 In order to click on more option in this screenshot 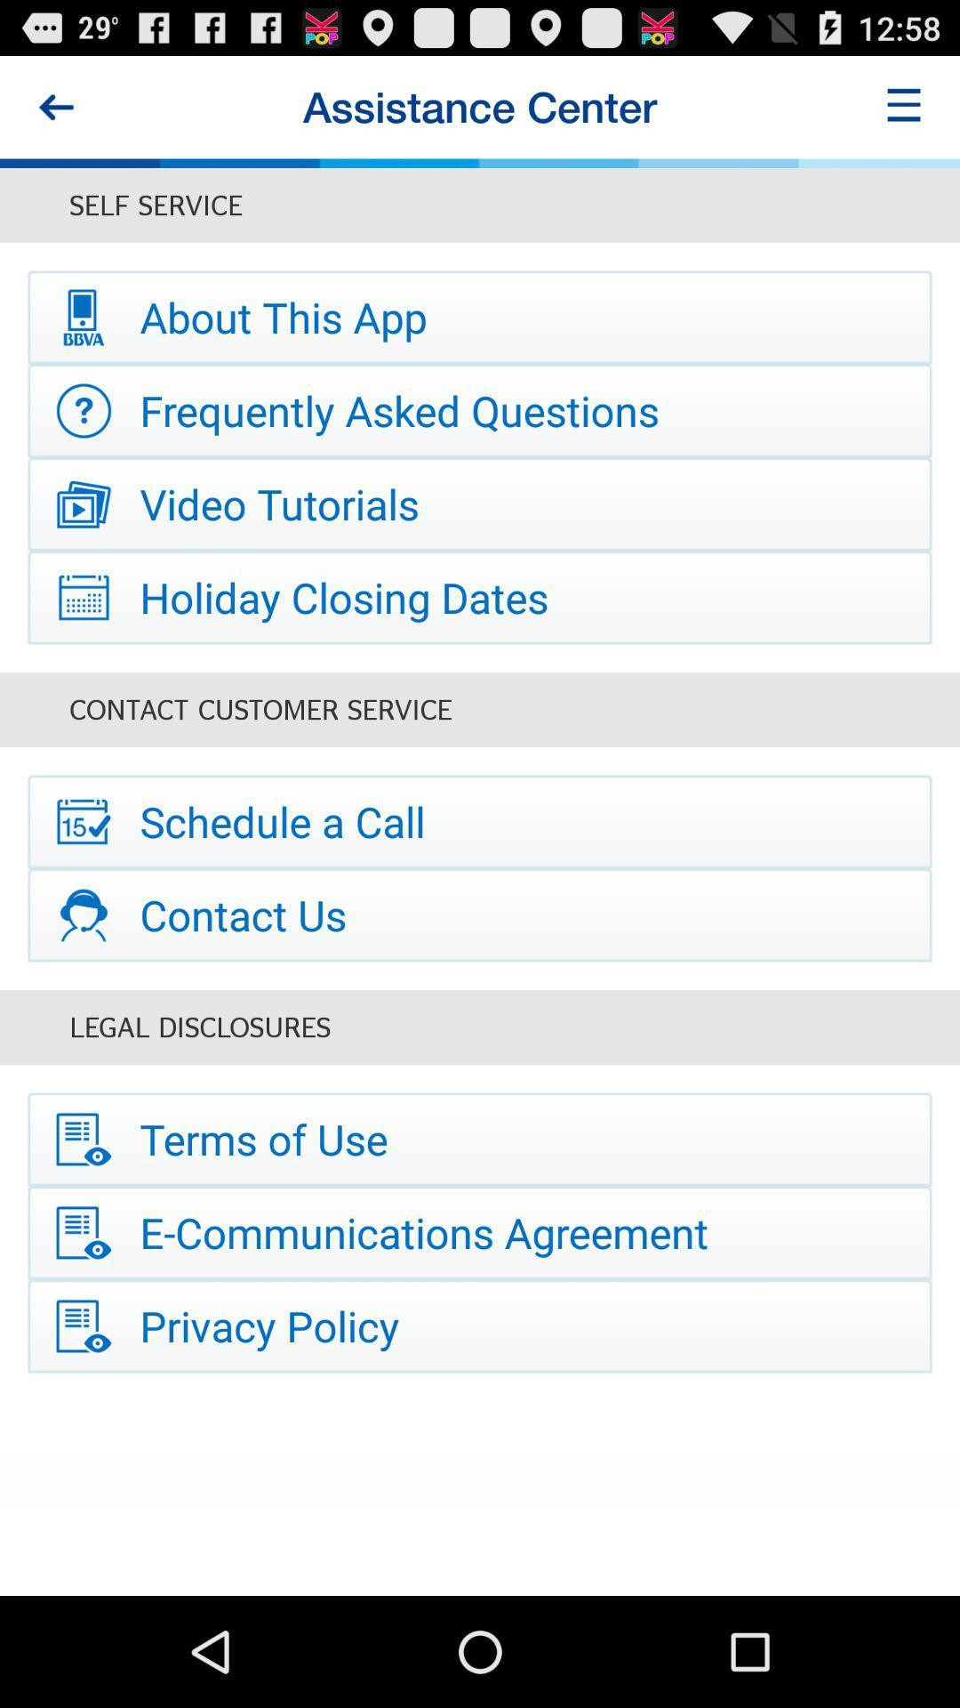, I will do `click(904, 106)`.